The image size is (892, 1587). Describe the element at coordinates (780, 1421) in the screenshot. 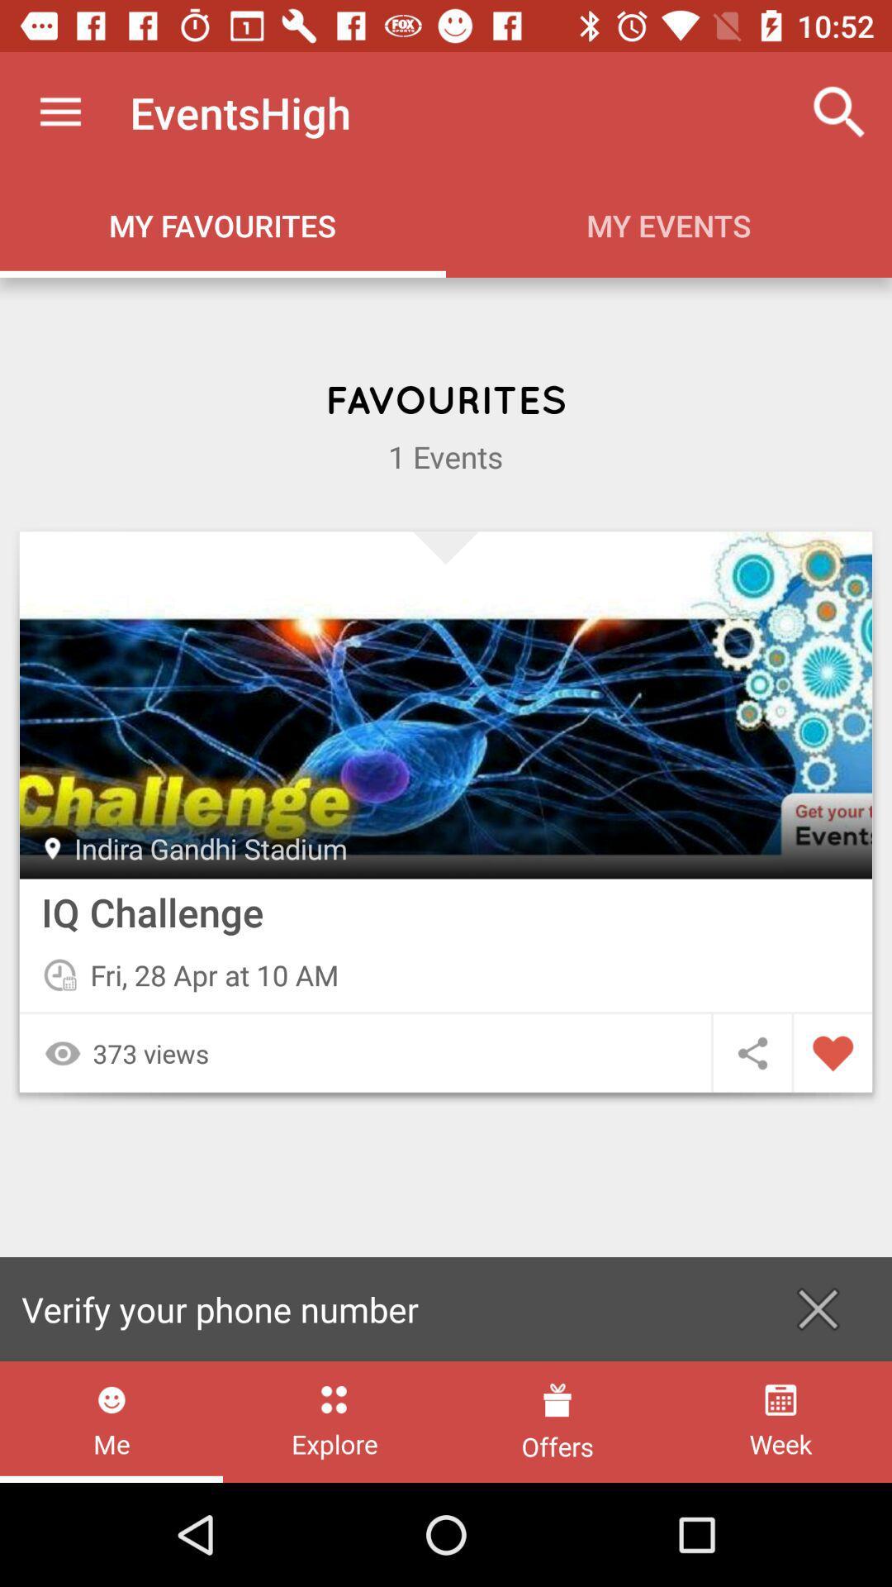

I see `the item to the right of the offers icon` at that location.